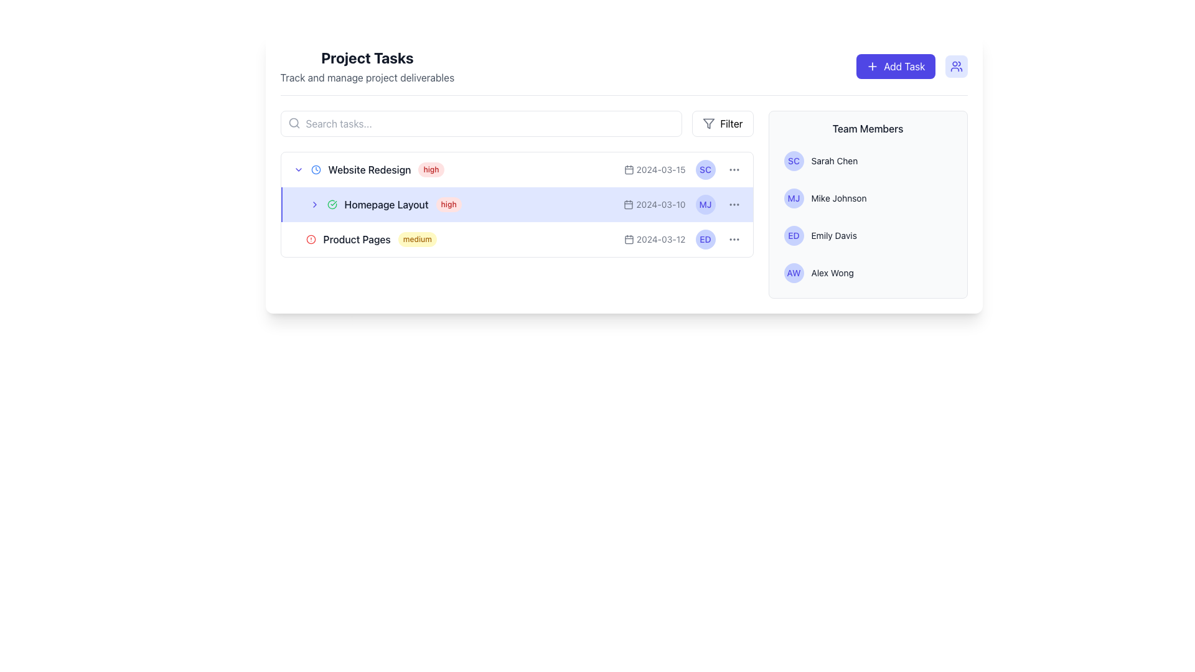 The width and height of the screenshot is (1195, 672). What do you see at coordinates (867, 235) in the screenshot?
I see `the List item displaying user information with initials 'ED' and name 'Emily Davis' in the 'Team Members' section` at bounding box center [867, 235].